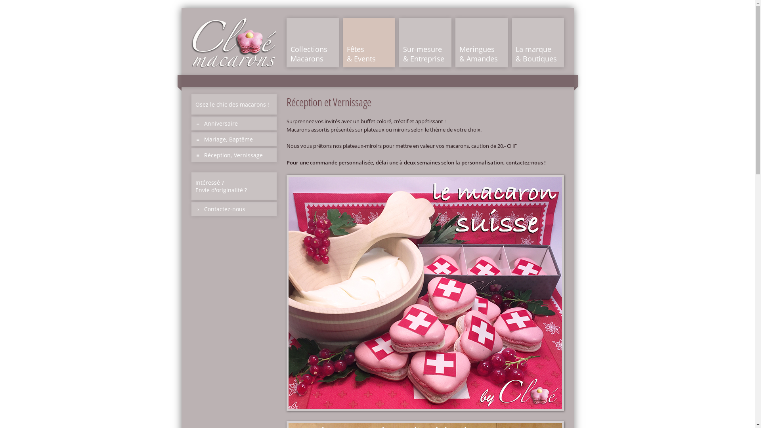  Describe the element at coordinates (537, 42) in the screenshot. I see `'La marque` at that location.